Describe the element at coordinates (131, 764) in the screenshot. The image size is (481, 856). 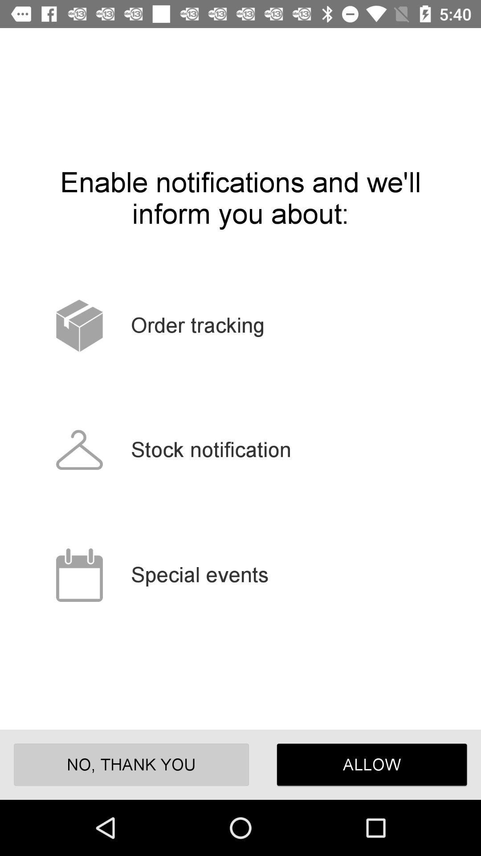
I see `the no, thank you item` at that location.